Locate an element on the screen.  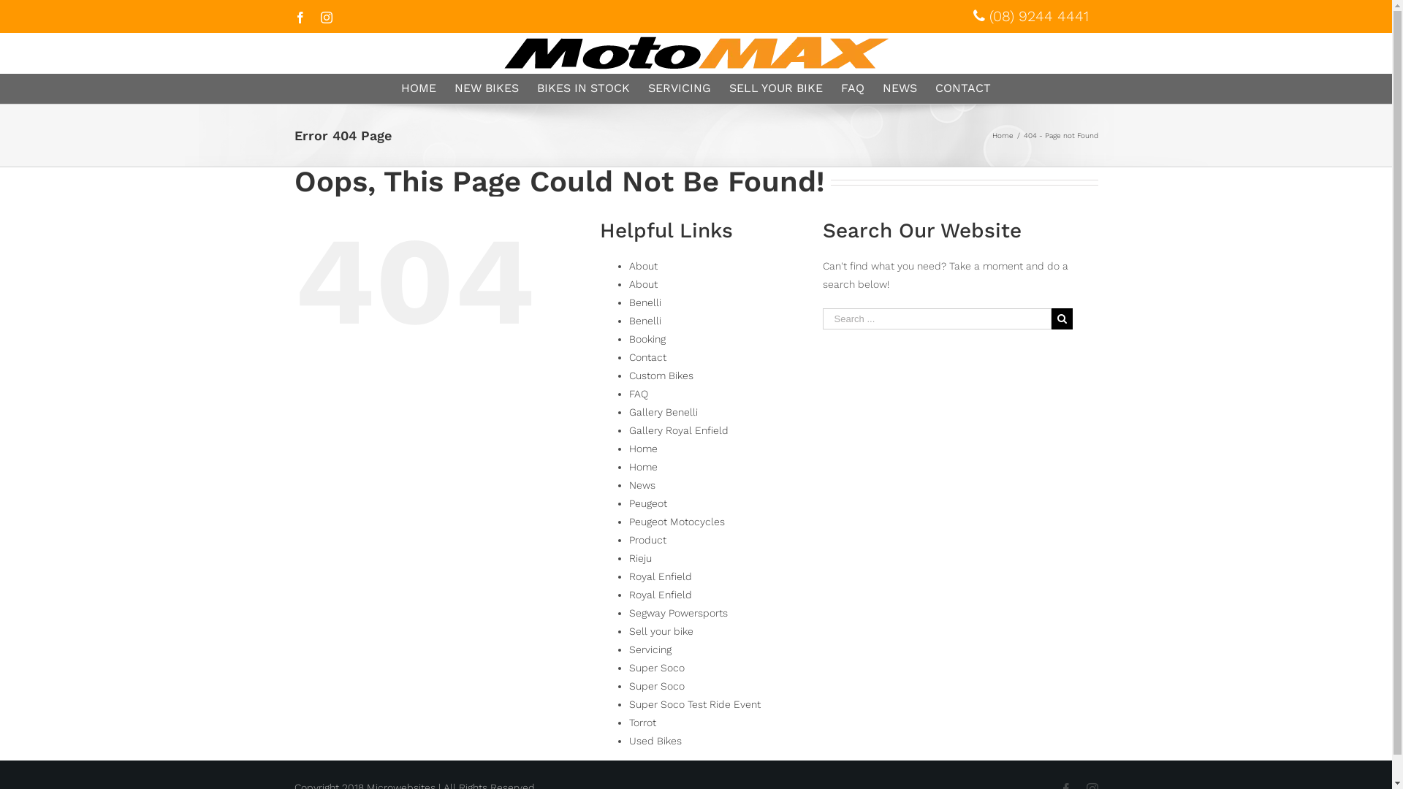
'(08) 9244 4441' is located at coordinates (1030, 16).